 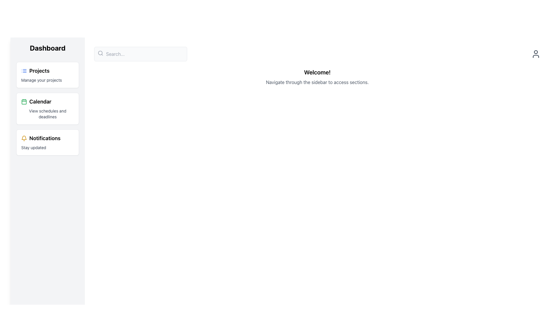 I want to click on the 'Projects' card, which is the top card in the sidebar, featuring a blue list icon and a bold heading, so click(x=47, y=75).